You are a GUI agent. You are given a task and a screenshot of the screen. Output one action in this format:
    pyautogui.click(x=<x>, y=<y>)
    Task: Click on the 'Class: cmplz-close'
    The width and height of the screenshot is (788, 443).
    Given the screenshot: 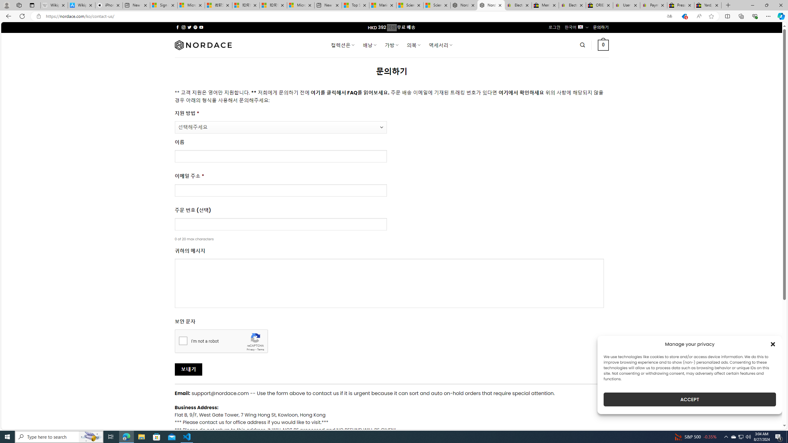 What is the action you would take?
    pyautogui.click(x=773, y=344)
    